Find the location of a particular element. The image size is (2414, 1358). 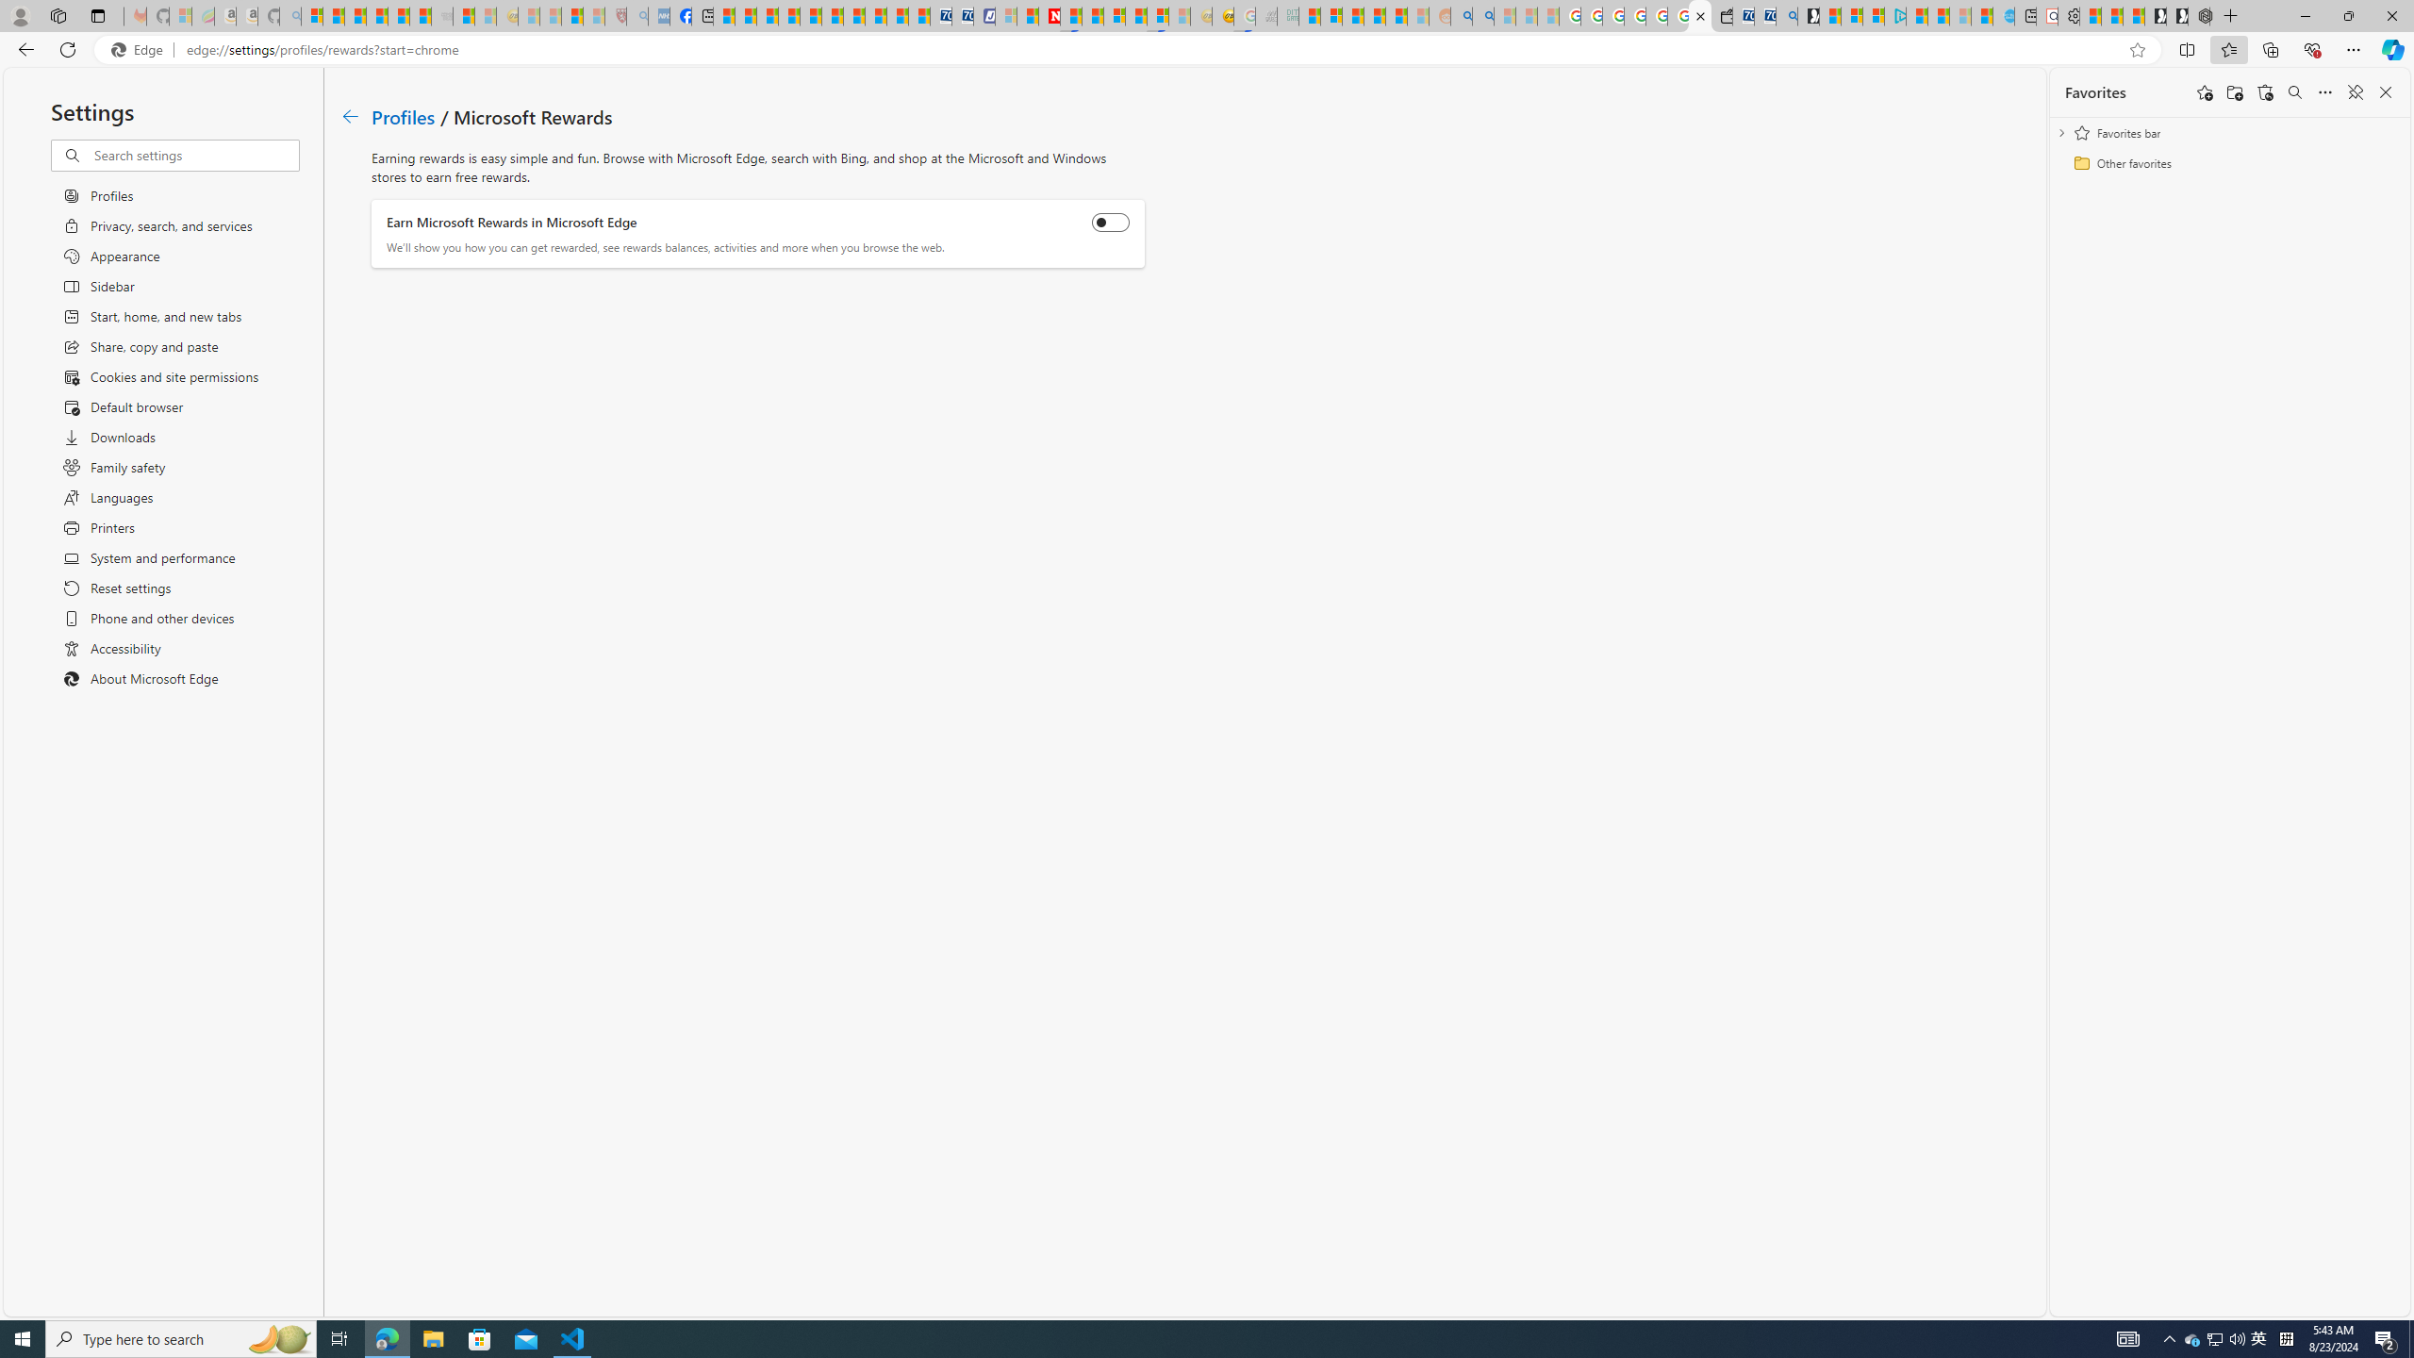

'The Weather Channel - MSN' is located at coordinates (354, 15).